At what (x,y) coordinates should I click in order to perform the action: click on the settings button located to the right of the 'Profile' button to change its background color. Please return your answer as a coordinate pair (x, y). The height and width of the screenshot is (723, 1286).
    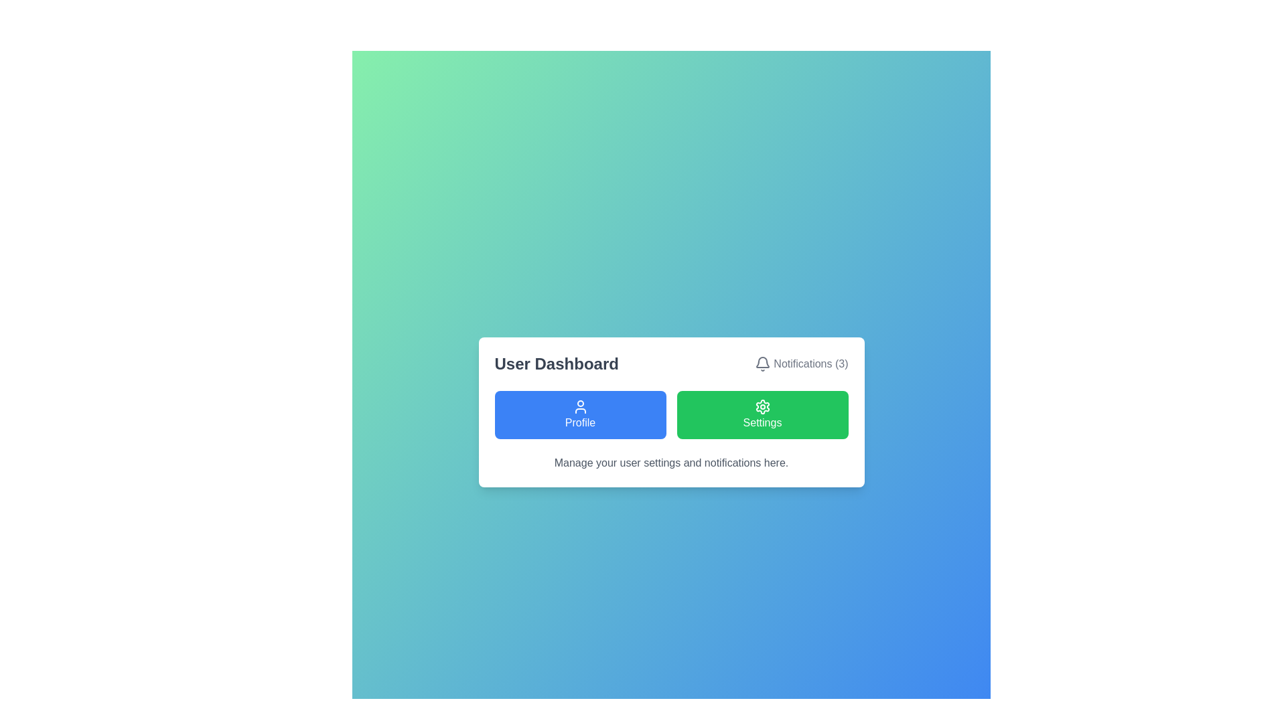
    Looking at the image, I should click on (762, 414).